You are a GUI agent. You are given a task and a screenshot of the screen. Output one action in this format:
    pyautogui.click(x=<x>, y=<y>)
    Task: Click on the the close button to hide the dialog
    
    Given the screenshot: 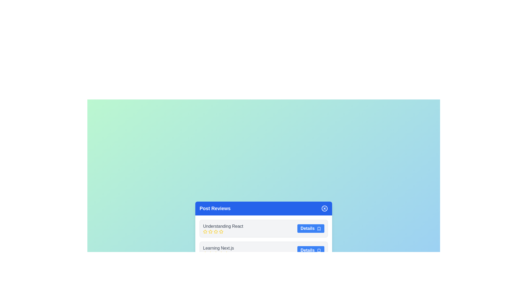 What is the action you would take?
    pyautogui.click(x=324, y=208)
    